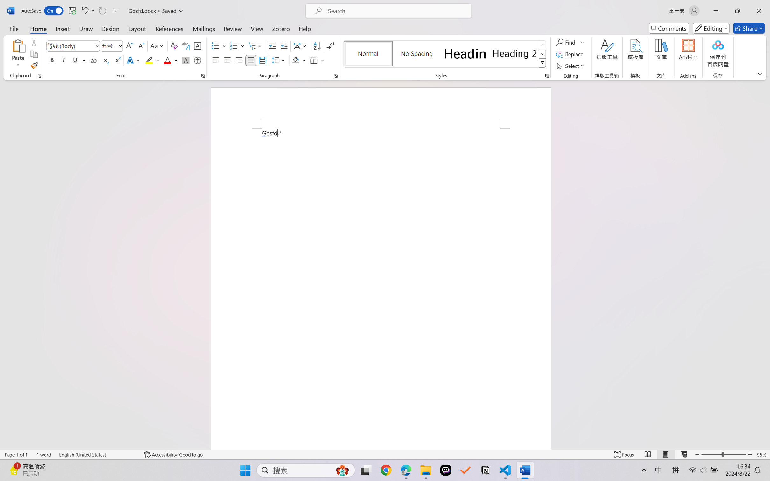 Image resolution: width=770 pixels, height=481 pixels. What do you see at coordinates (542, 63) in the screenshot?
I see `'Styles'` at bounding box center [542, 63].